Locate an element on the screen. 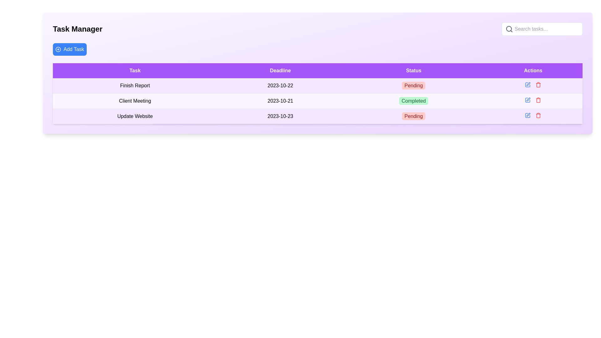 Image resolution: width=601 pixels, height=338 pixels. the 'Status' column header of the table, which is the third header cell in the top row, labeled for user clarity is located at coordinates (414, 70).